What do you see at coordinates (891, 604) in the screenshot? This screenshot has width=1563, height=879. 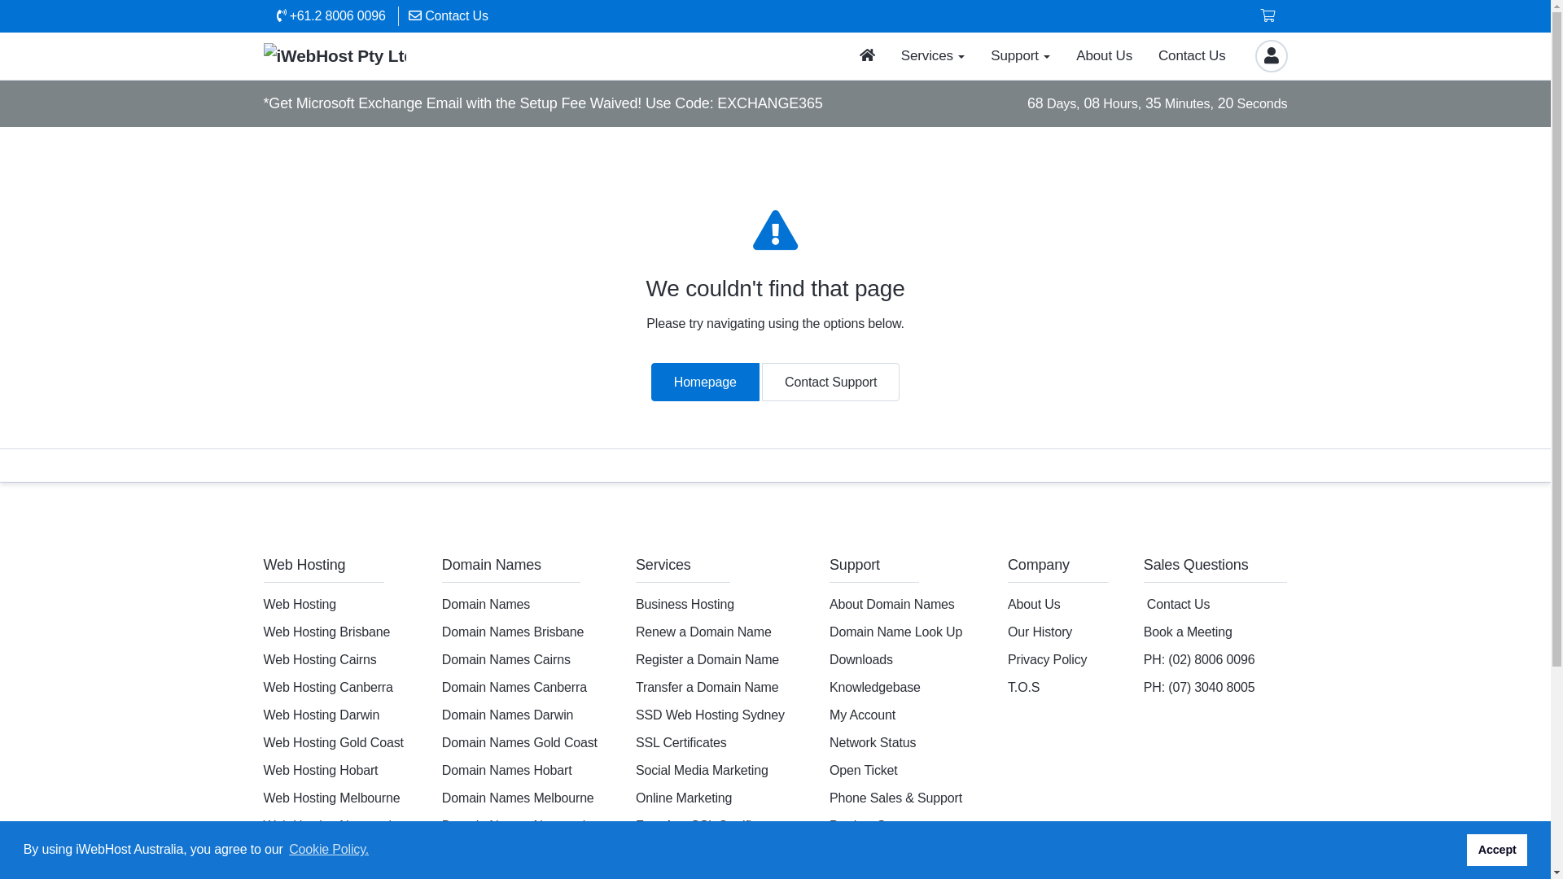 I see `'About Domain Names'` at bounding box center [891, 604].